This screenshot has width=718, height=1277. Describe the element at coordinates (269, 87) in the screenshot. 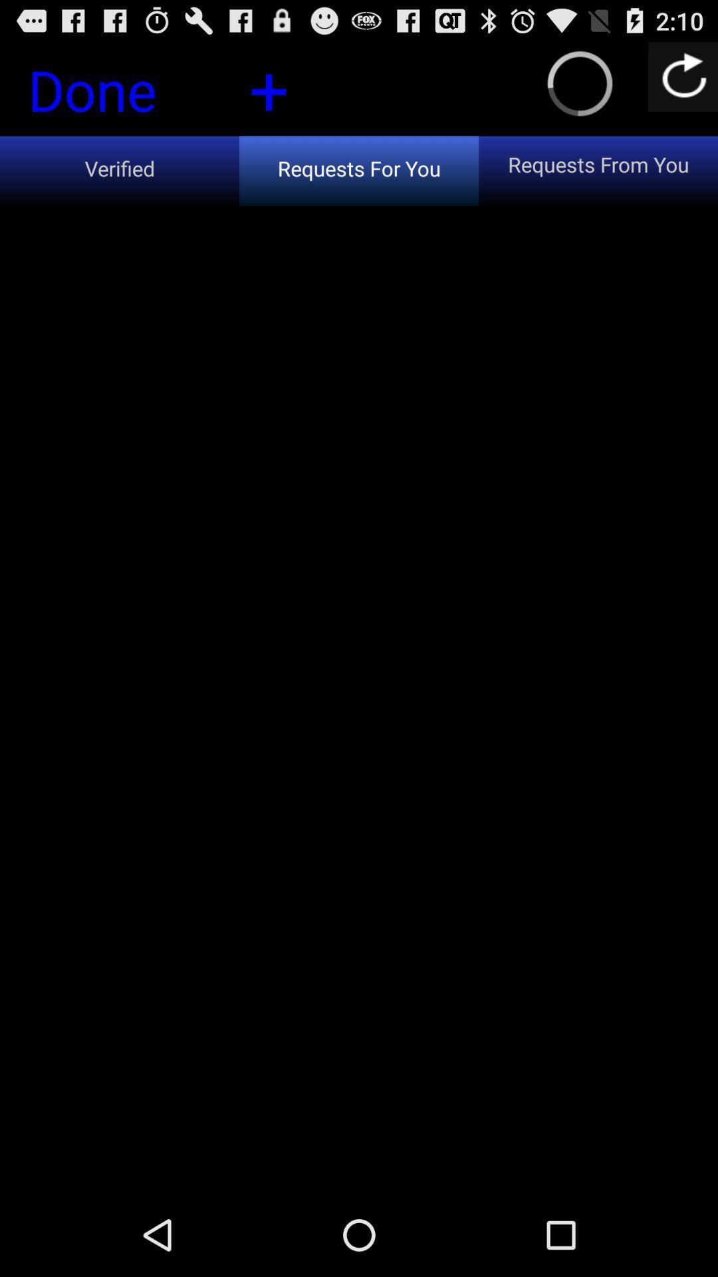

I see `the + icon` at that location.